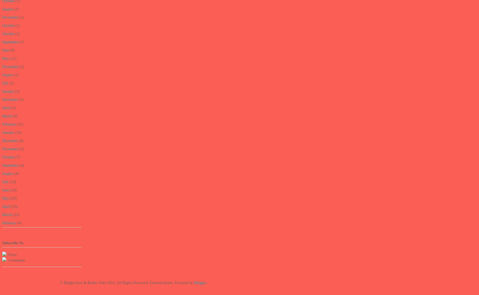  I want to click on '(6)', so click(11, 116).